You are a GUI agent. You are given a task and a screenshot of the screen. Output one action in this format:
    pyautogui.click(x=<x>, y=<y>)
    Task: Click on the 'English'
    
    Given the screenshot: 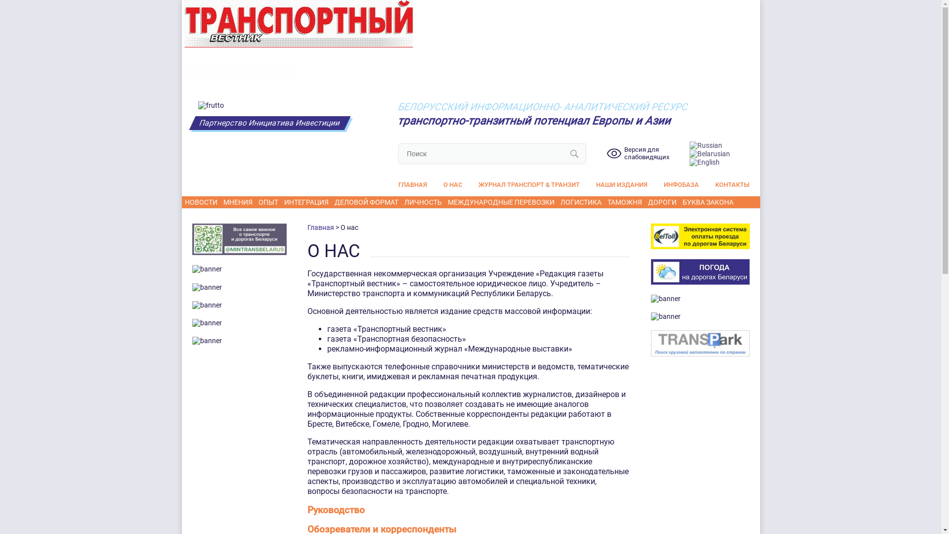 What is the action you would take?
    pyautogui.click(x=704, y=161)
    